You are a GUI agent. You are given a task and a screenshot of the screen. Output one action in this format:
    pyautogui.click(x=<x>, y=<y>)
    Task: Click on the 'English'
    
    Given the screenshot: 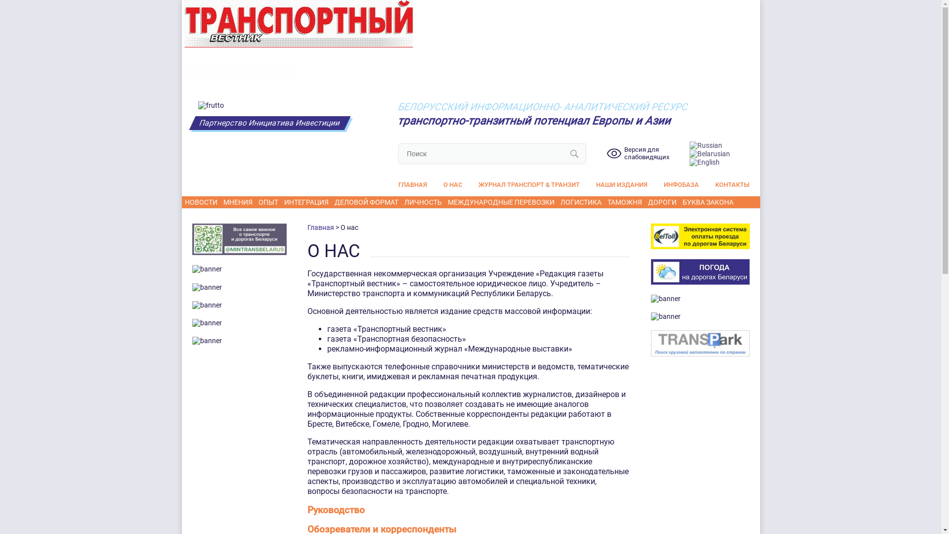 What is the action you would take?
    pyautogui.click(x=704, y=161)
    